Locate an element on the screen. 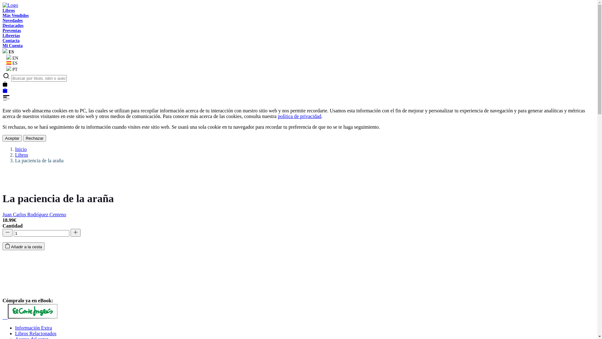 Image resolution: width=602 pixels, height=339 pixels. 'EN' is located at coordinates (10, 58).